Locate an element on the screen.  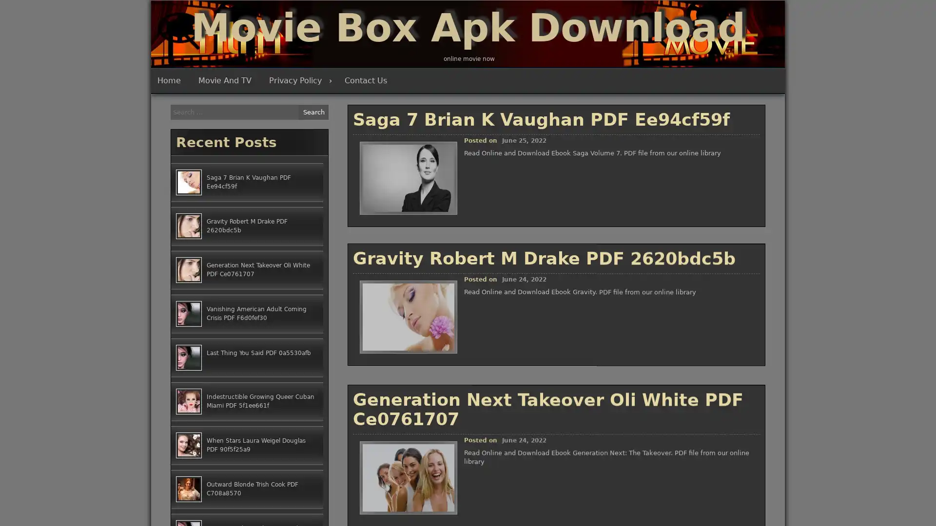
Search is located at coordinates (313, 112).